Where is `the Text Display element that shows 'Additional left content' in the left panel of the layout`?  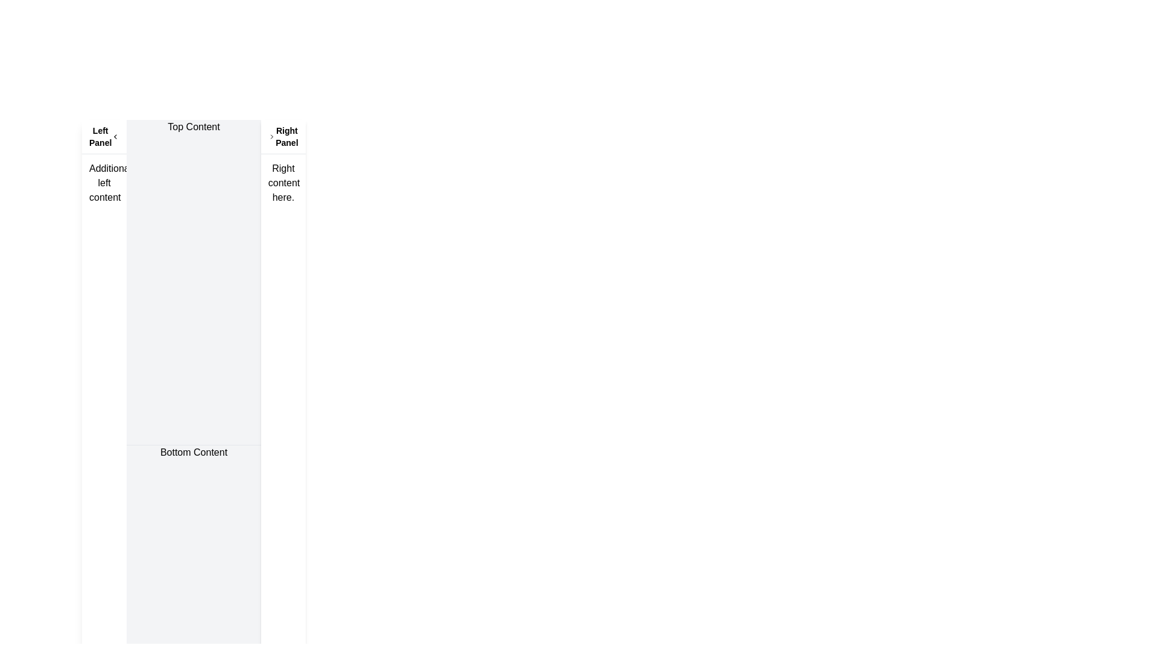
the Text Display element that shows 'Additional left content' in the left panel of the layout is located at coordinates (104, 183).